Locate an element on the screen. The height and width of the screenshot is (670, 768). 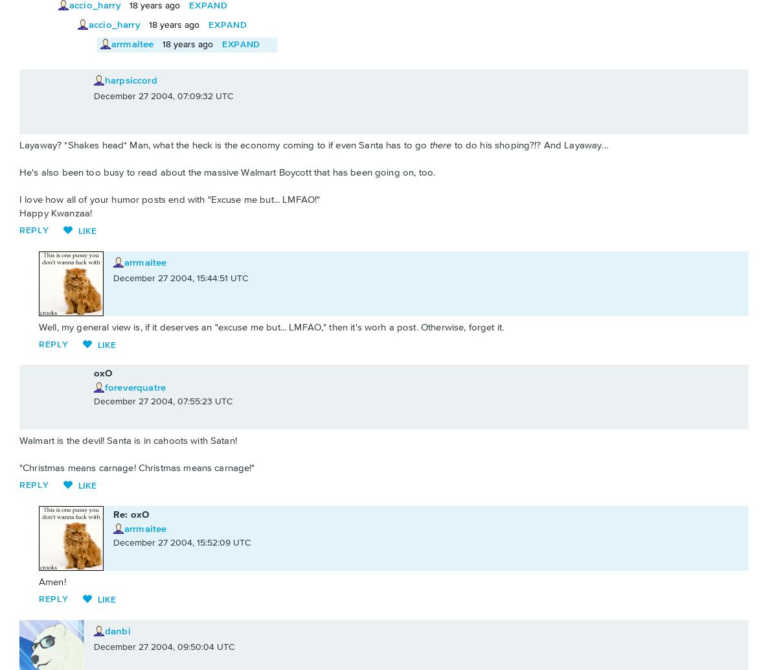
'December 27 2004, 15:44:51 UTC' is located at coordinates (179, 277).